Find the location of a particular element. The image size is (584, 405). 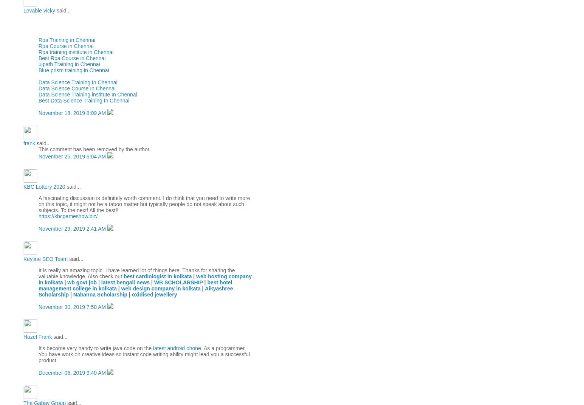

'uipath Training in Chennai' is located at coordinates (38, 64).